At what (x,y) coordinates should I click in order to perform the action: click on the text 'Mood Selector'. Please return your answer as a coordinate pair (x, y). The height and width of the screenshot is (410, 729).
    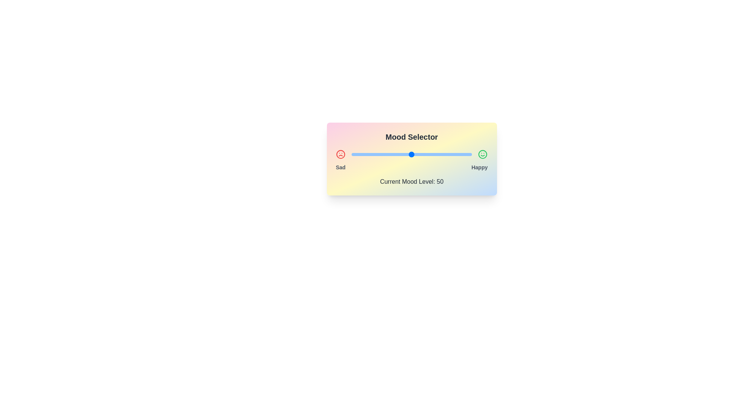
    Looking at the image, I should click on (411, 137).